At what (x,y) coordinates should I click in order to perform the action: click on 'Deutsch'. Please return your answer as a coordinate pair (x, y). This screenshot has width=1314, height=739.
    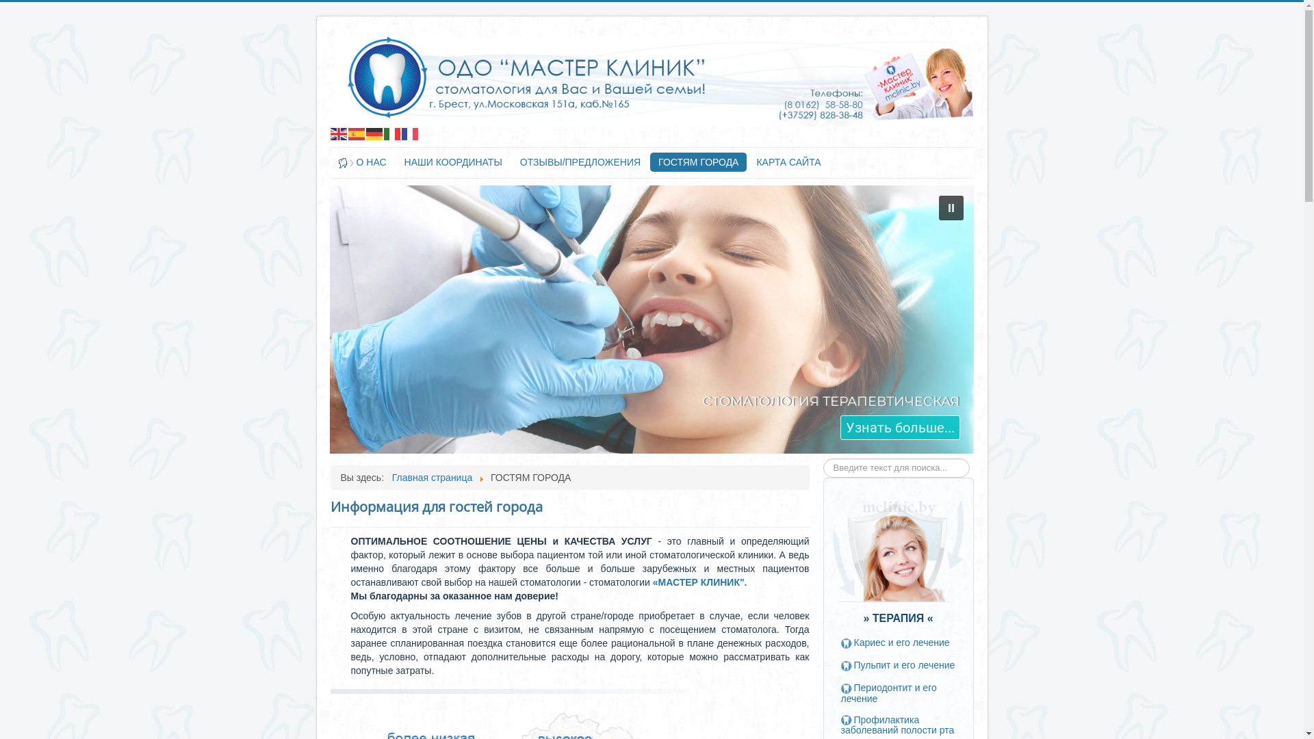
    Looking at the image, I should click on (374, 133).